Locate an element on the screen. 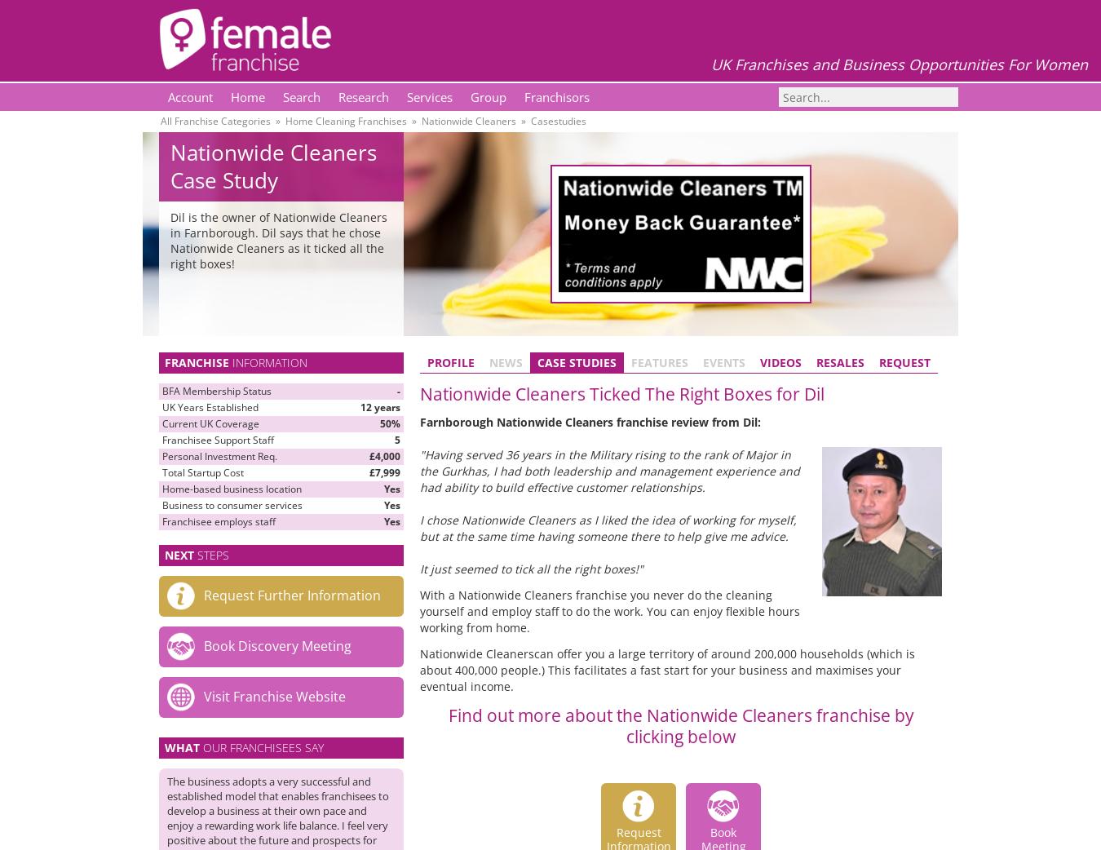 The height and width of the screenshot is (850, 1101). 'Franchisors' is located at coordinates (524, 96).